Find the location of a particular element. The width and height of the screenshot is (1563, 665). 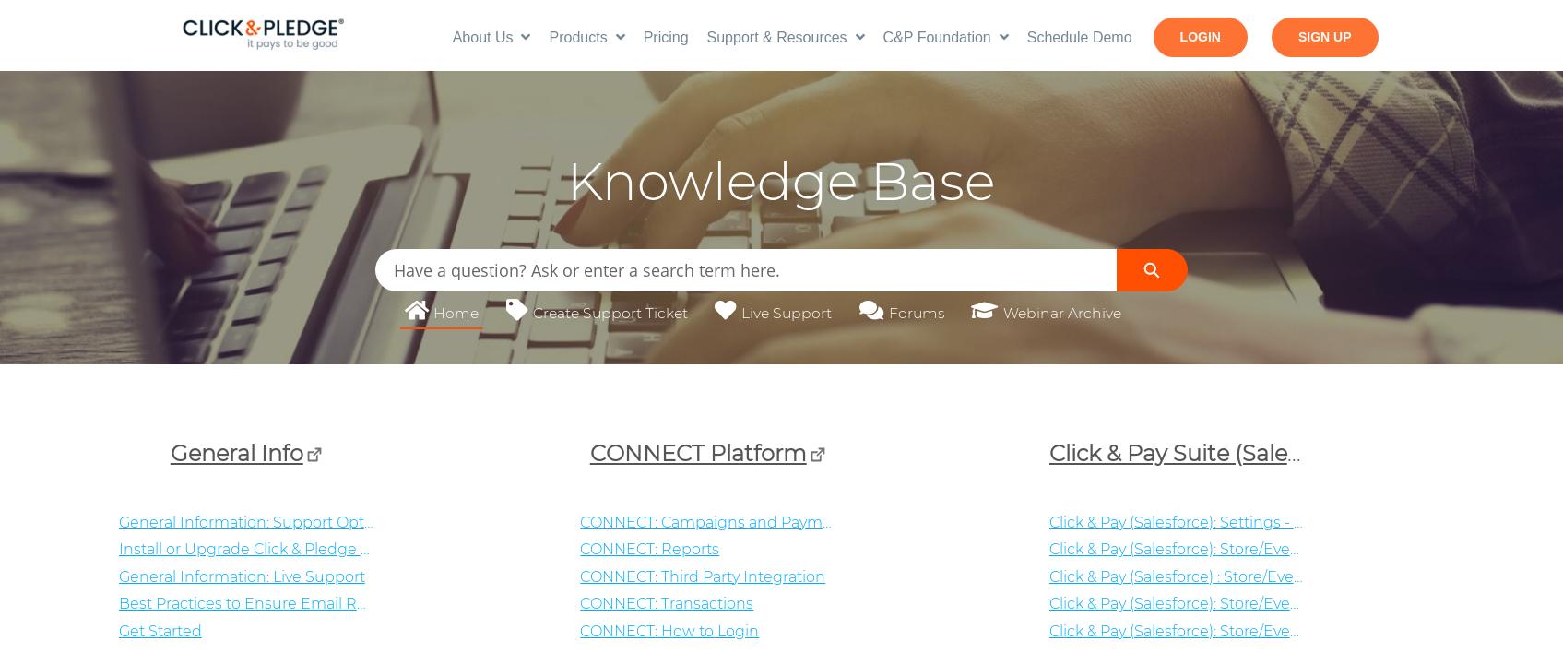

'Install or Upgrade Click & Pledge Apps in Salesforce' is located at coordinates (116, 548).